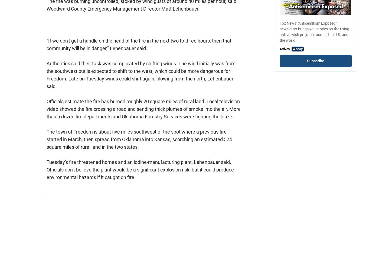  Describe the element at coordinates (47, 192) in the screenshot. I see `'.'` at that location.